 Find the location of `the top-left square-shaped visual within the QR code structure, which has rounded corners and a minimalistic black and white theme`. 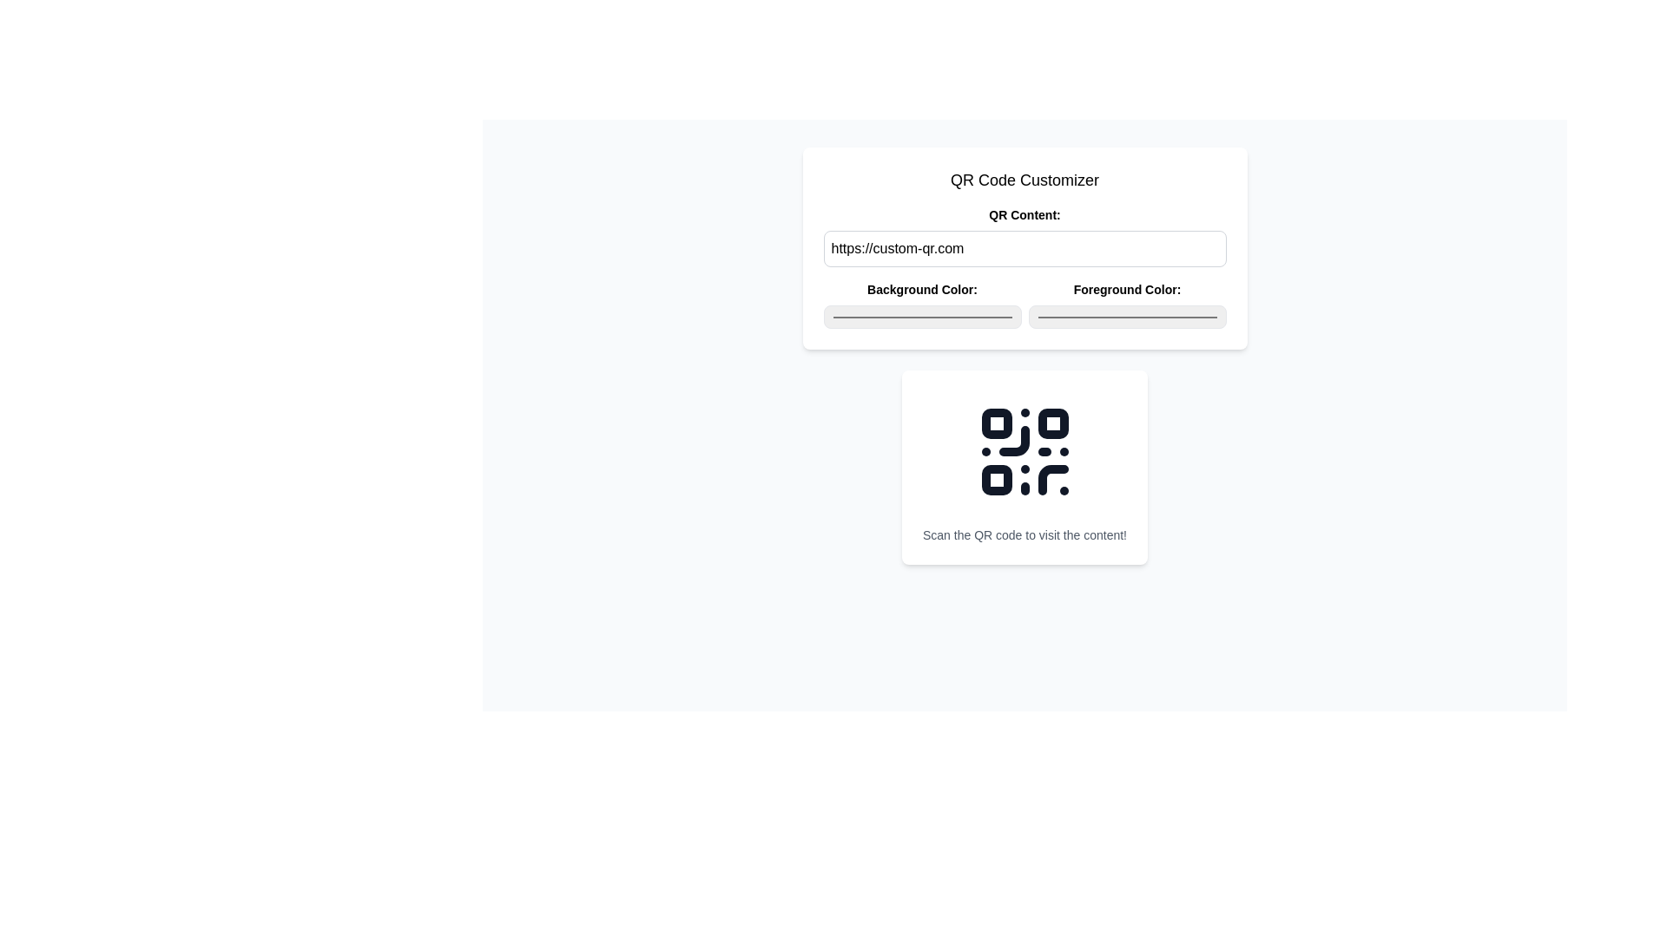

the top-left square-shaped visual within the QR code structure, which has rounded corners and a minimalistic black and white theme is located at coordinates (996, 423).